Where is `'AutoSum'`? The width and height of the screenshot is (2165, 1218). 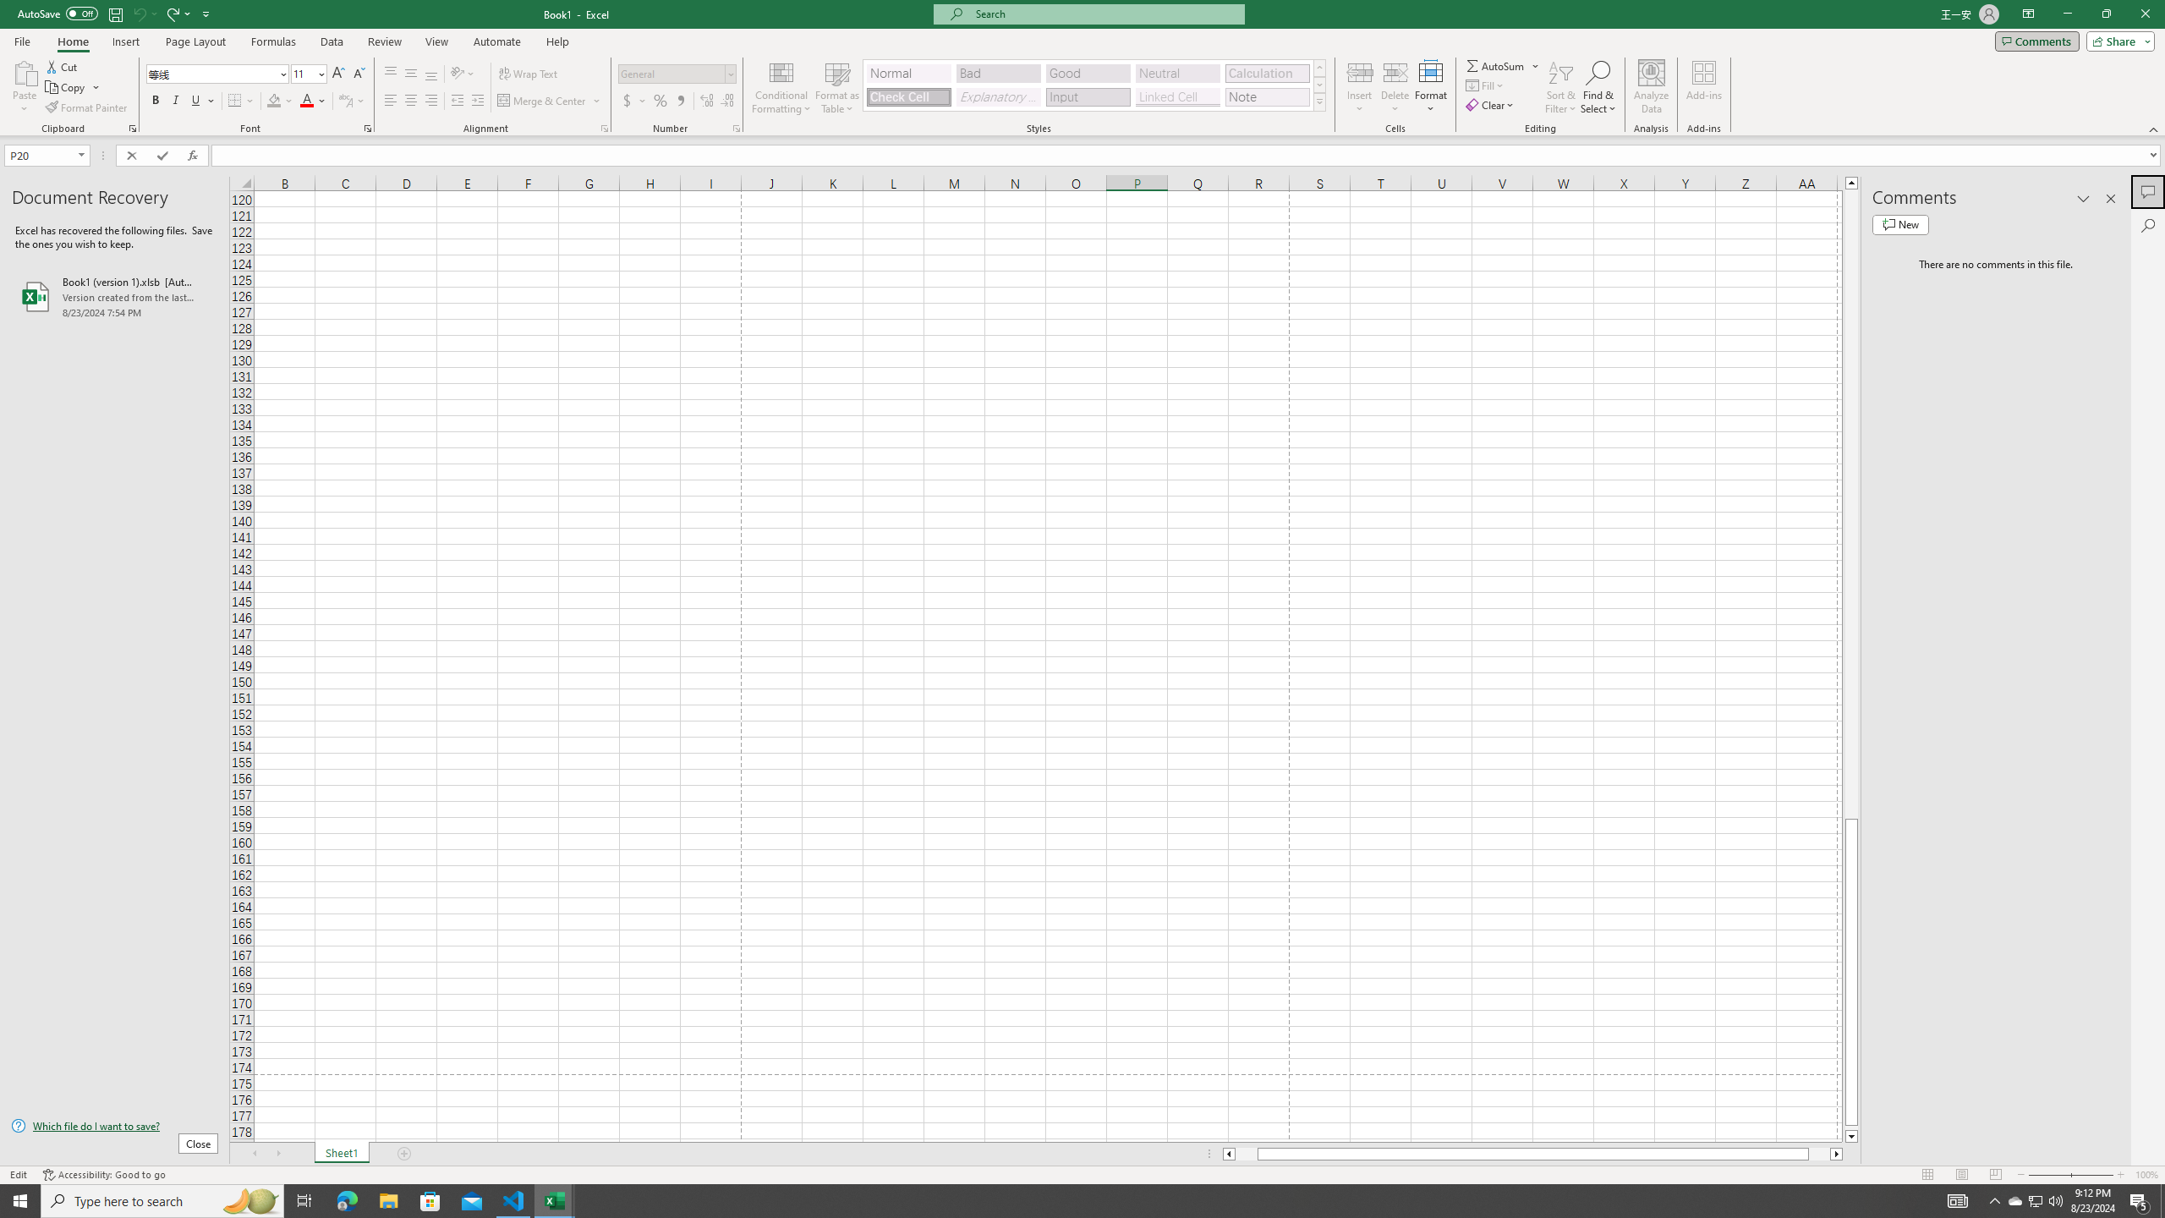 'AutoSum' is located at coordinates (1503, 65).